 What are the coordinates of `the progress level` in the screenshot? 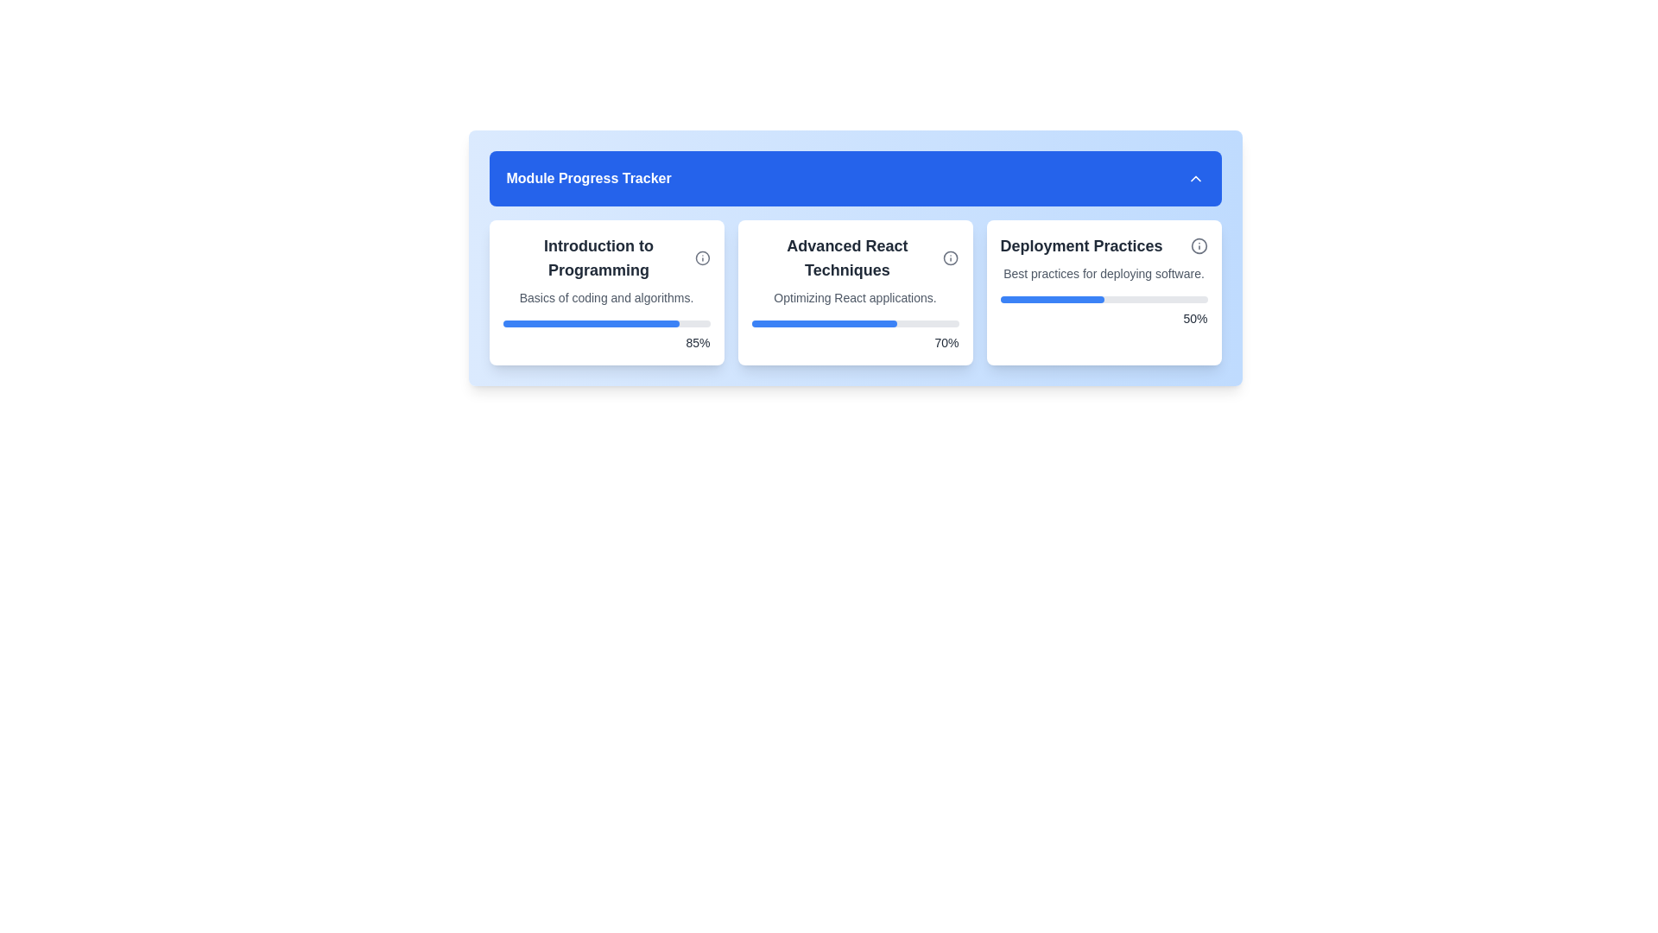 It's located at (1143, 299).